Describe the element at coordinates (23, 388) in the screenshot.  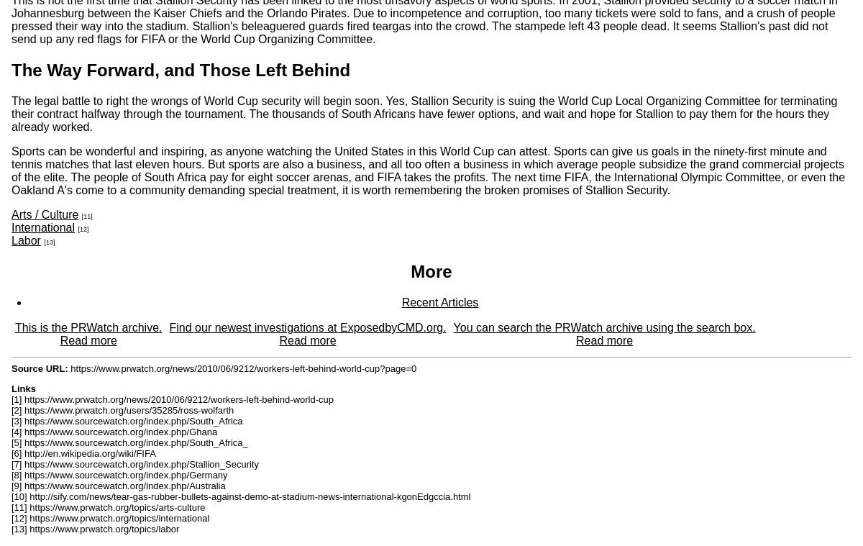
I see `'Links'` at that location.